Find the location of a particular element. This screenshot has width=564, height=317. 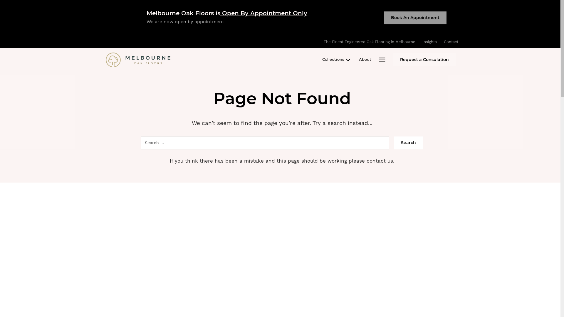

'About' is located at coordinates (365, 60).